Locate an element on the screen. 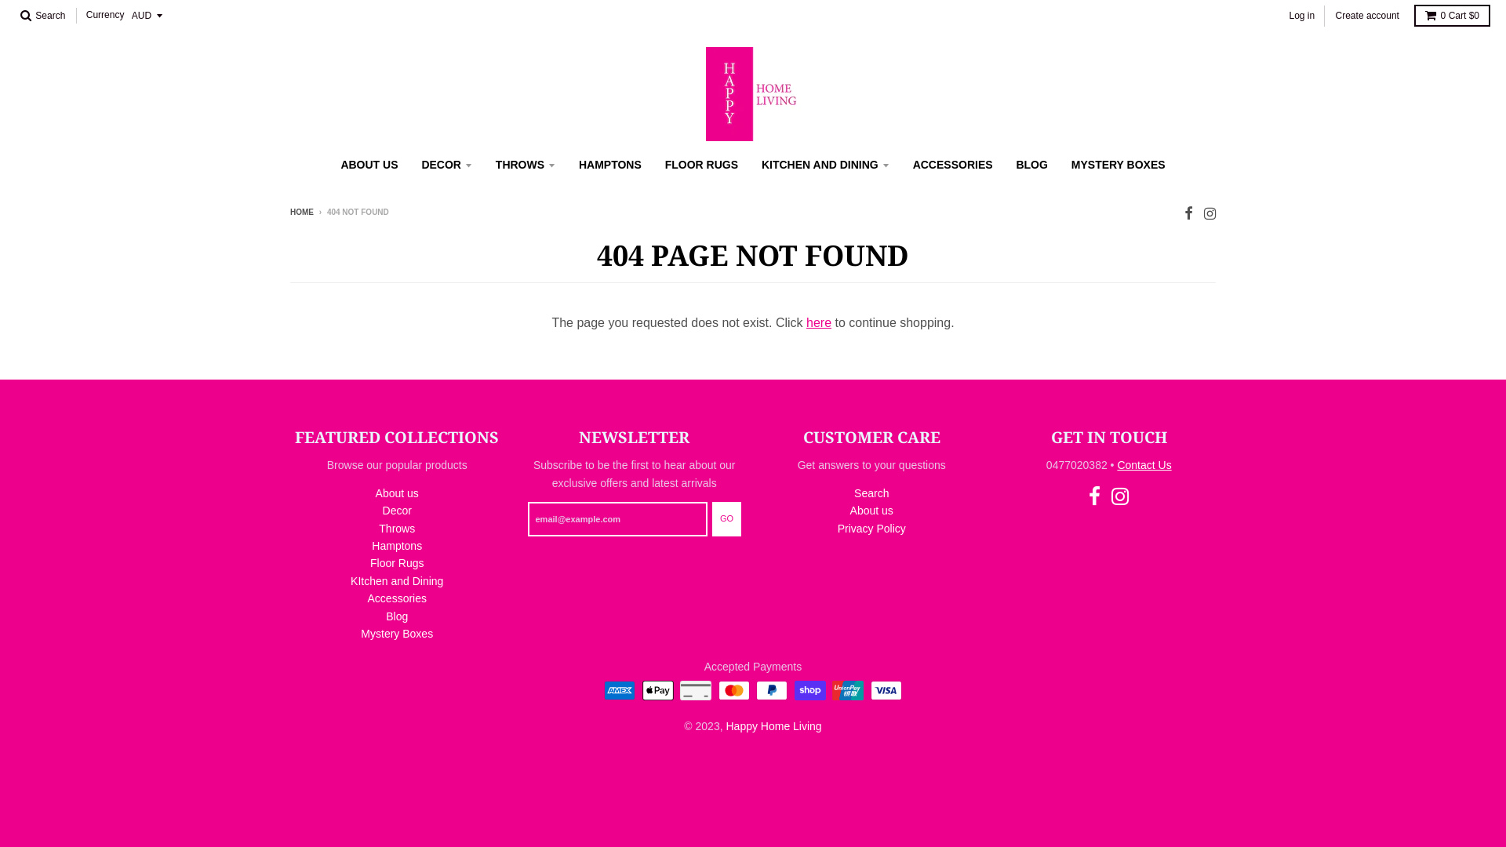  '0 Cart $0' is located at coordinates (1451, 15).